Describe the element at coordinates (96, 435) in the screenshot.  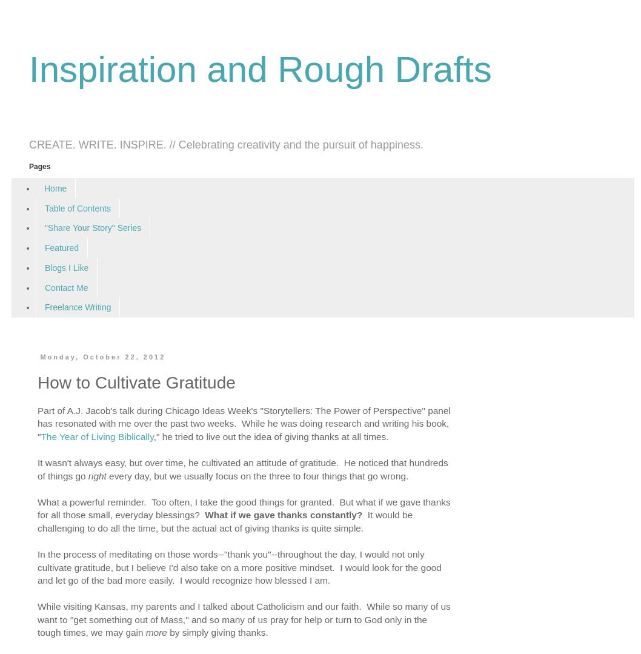
I see `'The Year of Living Biblically'` at that location.